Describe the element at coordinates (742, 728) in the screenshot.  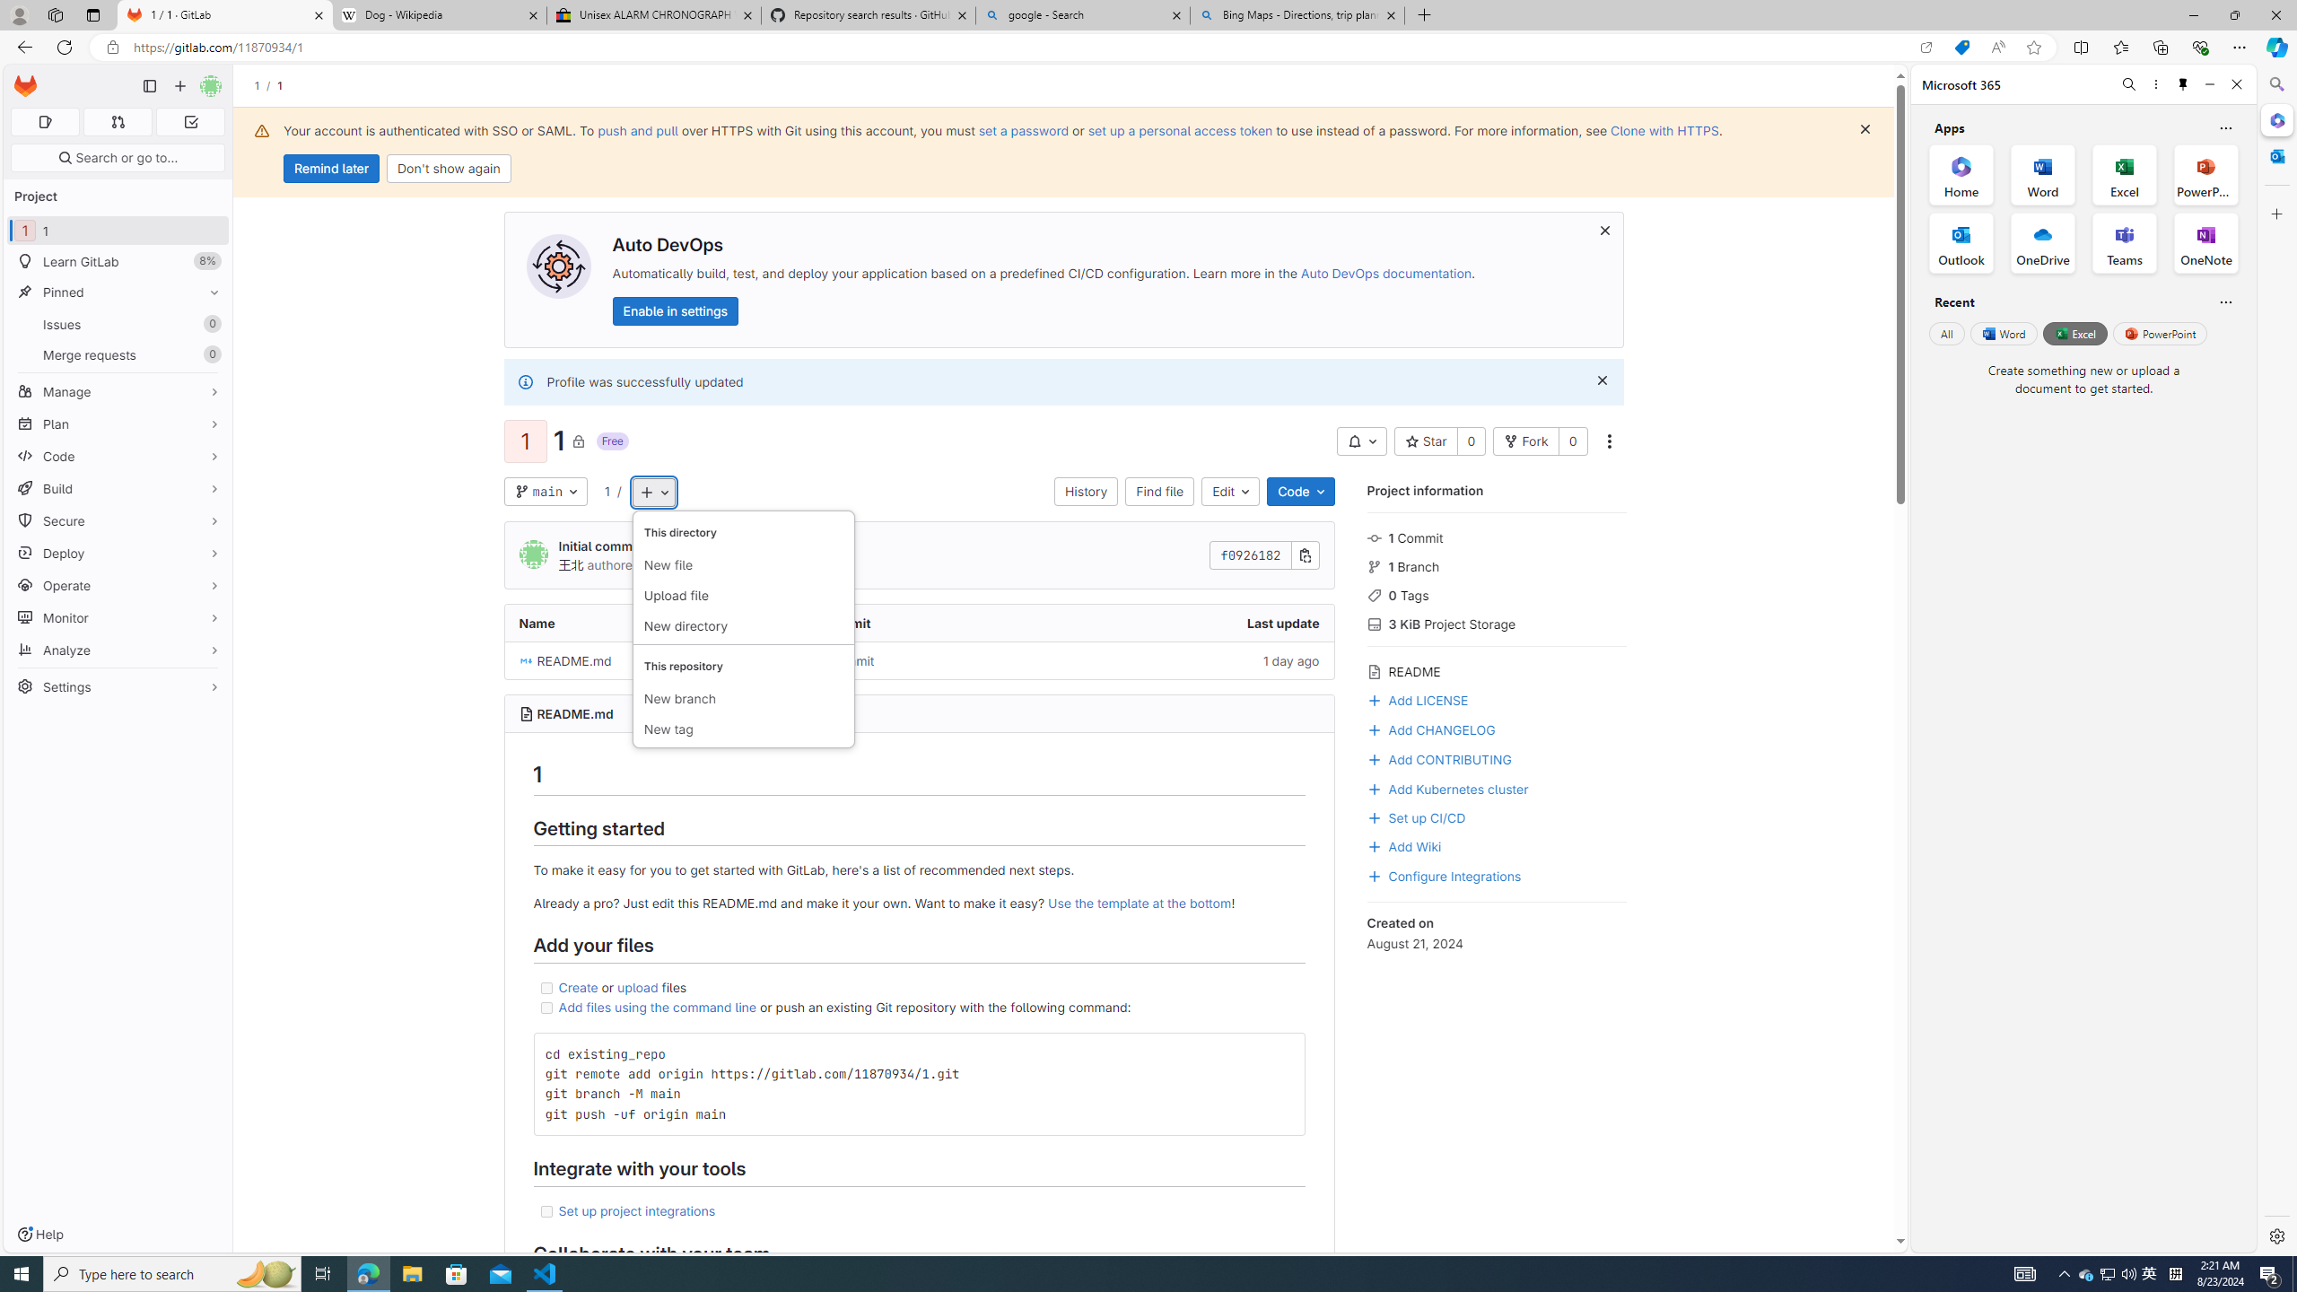
I see `'New tag'` at that location.